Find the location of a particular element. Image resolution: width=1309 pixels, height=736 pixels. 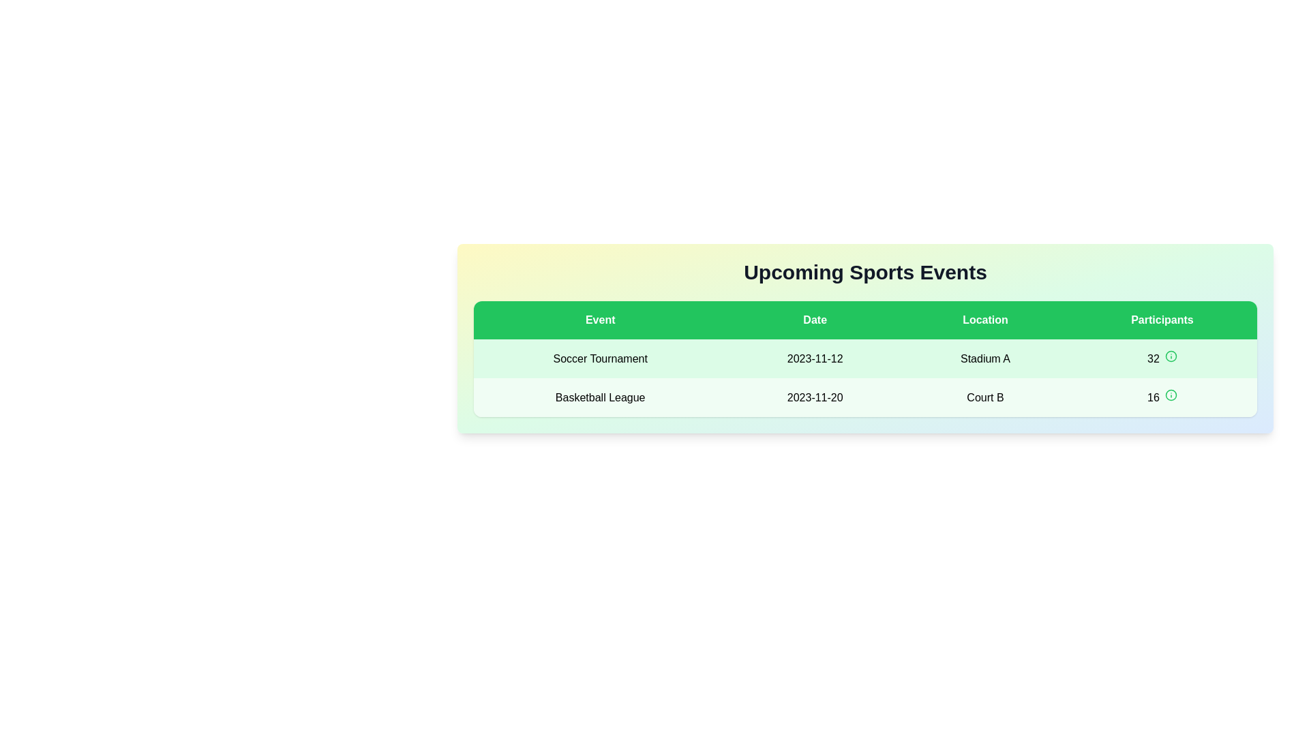

the static text element displaying the date '2023-11-20' located in the second row of the table in the 'Date' column is located at coordinates (815, 397).